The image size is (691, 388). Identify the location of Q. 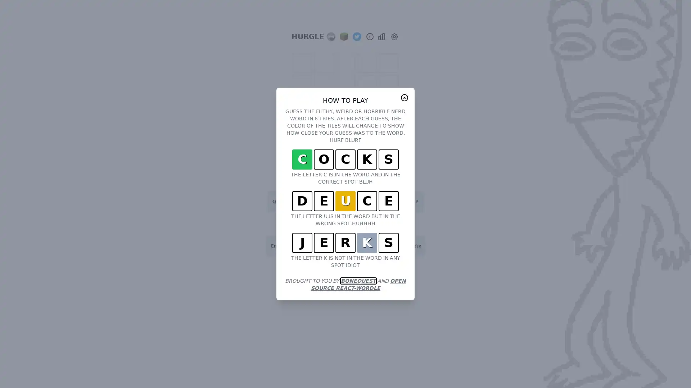
(274, 201).